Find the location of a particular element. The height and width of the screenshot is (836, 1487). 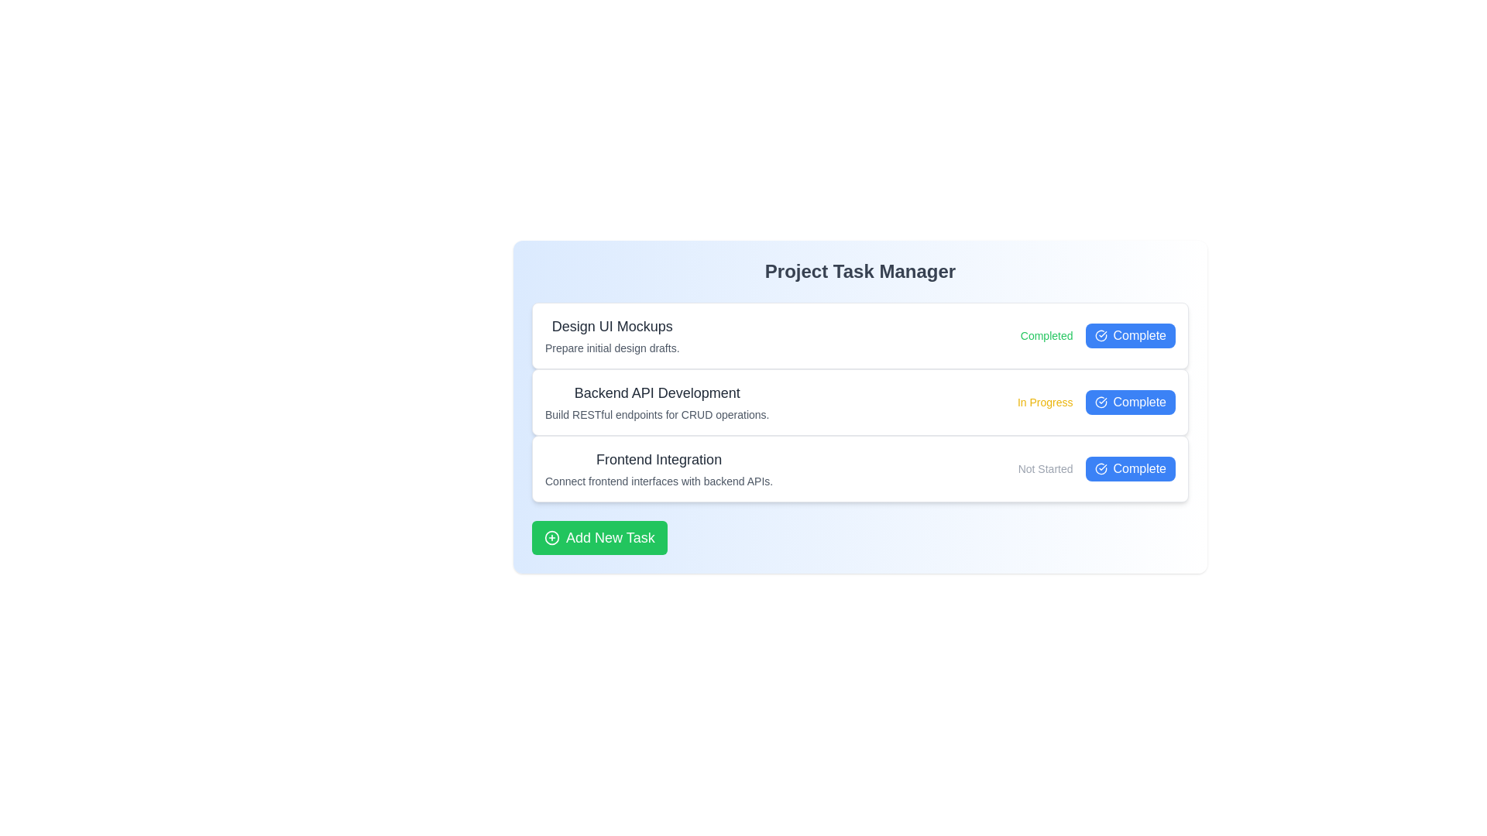

'Complete' button for the task 'Frontend Integration' is located at coordinates (1130, 468).